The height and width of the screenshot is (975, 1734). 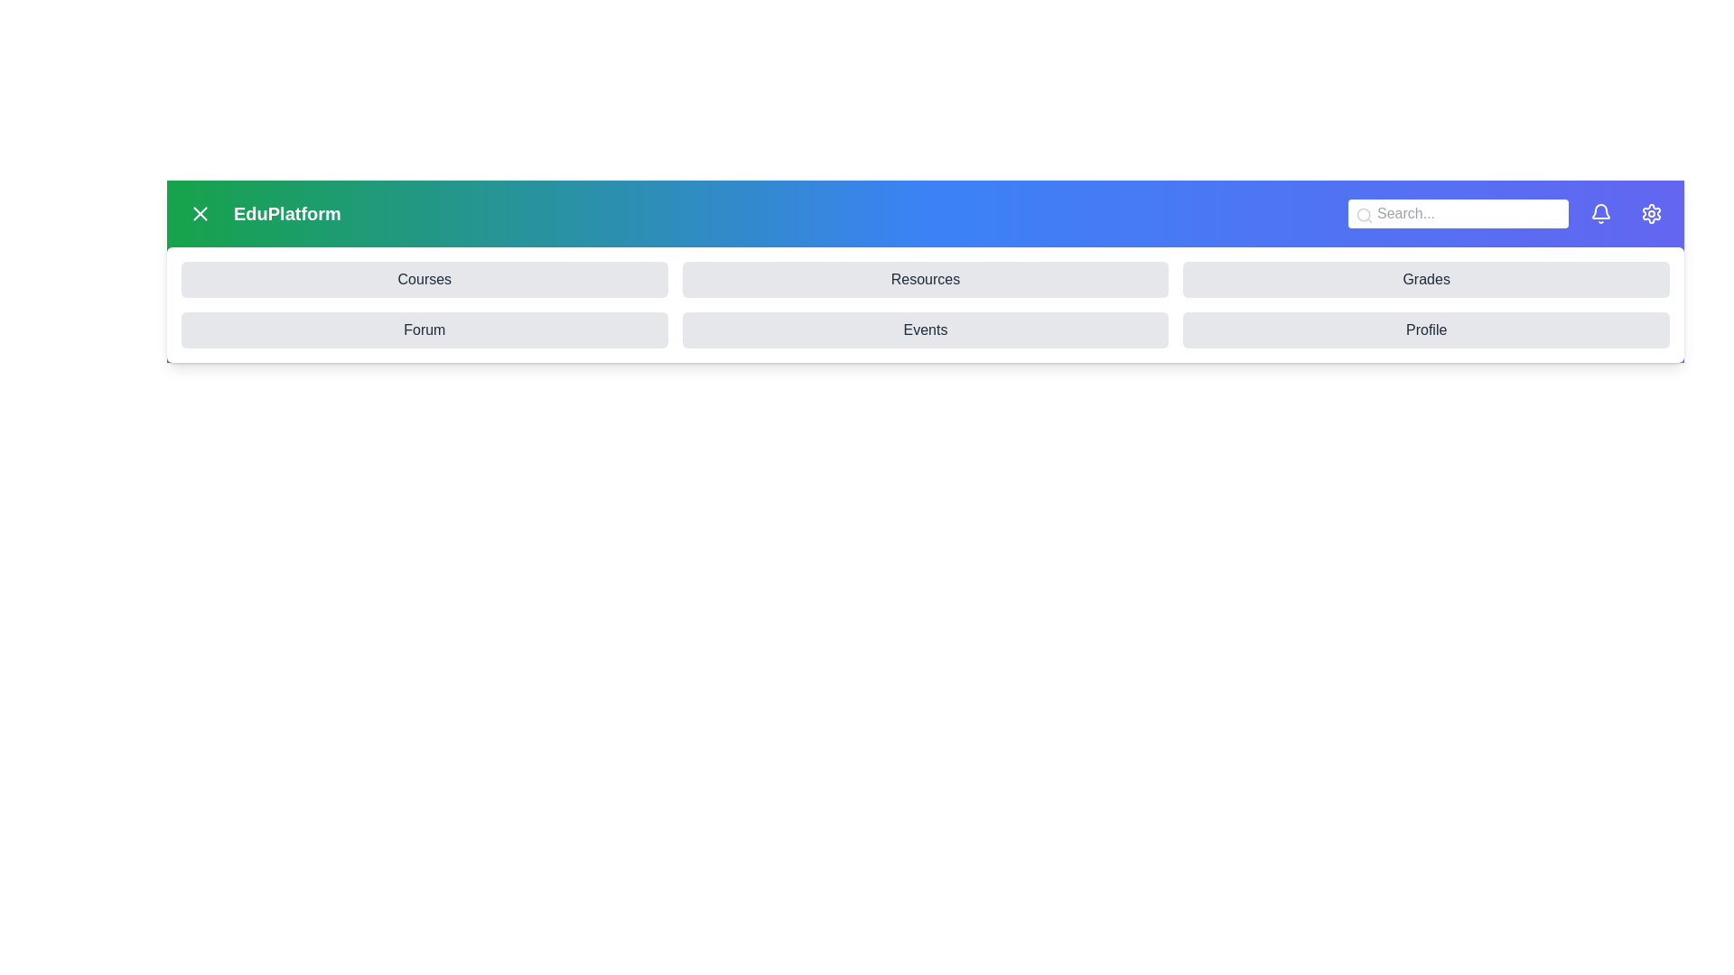 What do you see at coordinates (424, 279) in the screenshot?
I see `the menu item Courses from the navigation menu` at bounding box center [424, 279].